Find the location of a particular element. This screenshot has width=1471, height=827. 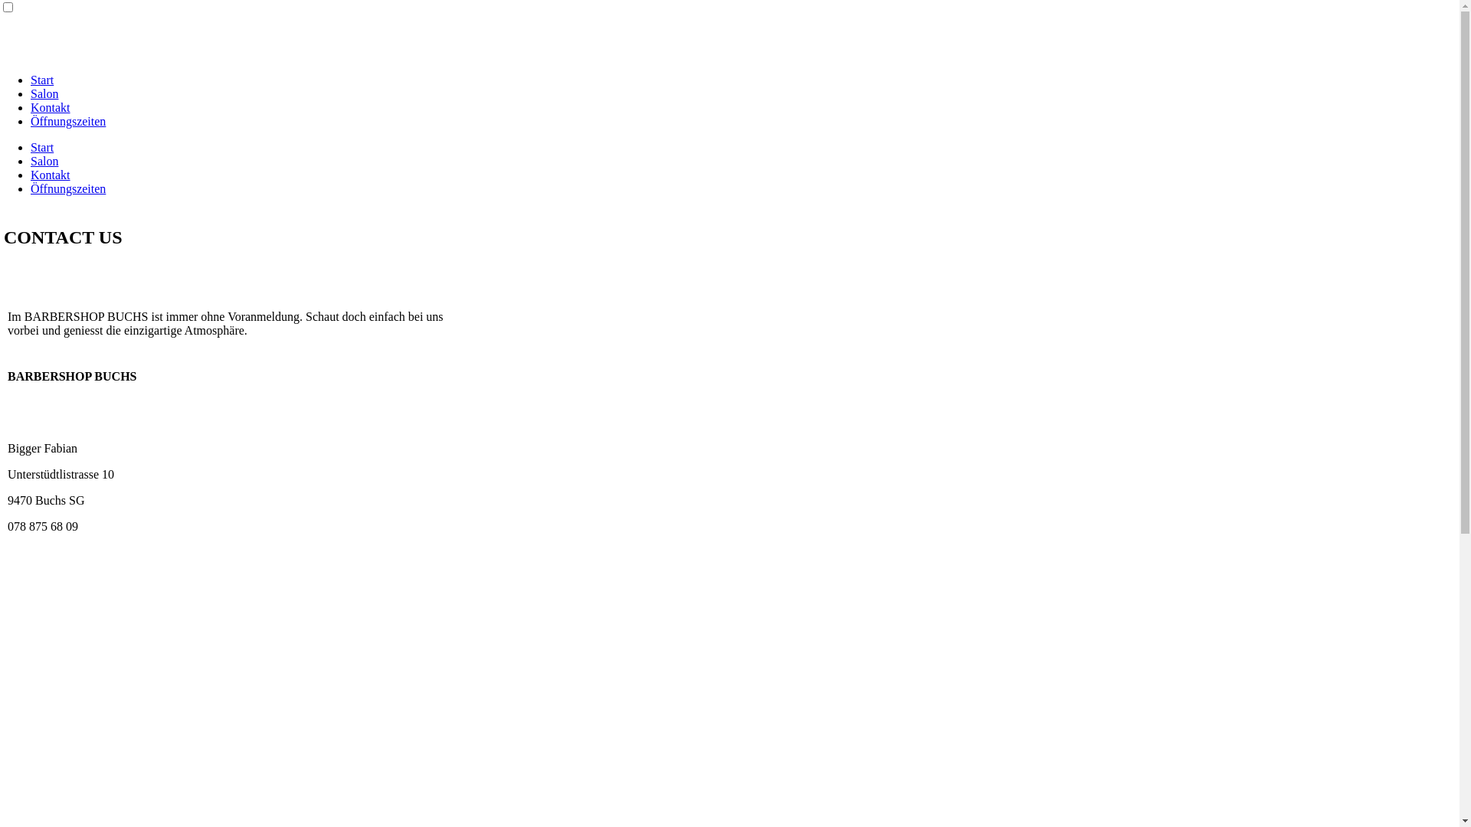

'Start' is located at coordinates (41, 147).